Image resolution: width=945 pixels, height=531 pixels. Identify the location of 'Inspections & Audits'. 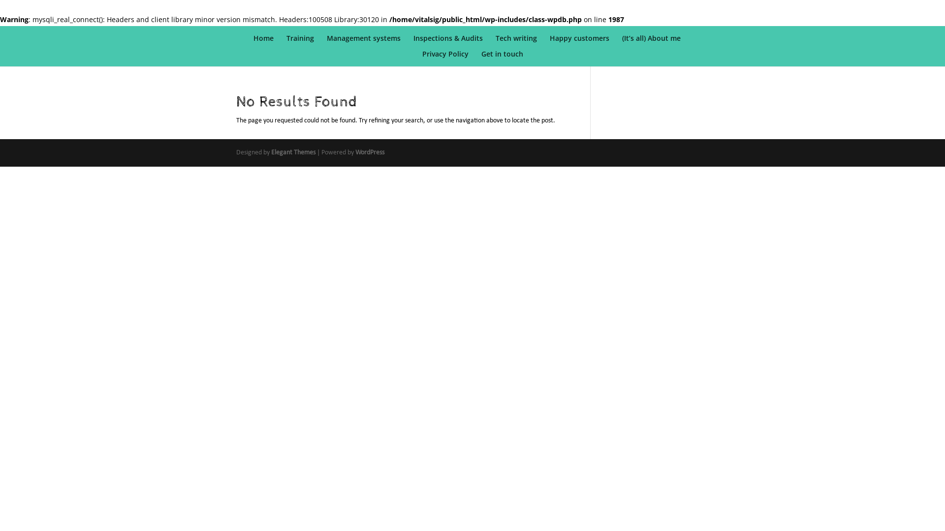
(447, 42).